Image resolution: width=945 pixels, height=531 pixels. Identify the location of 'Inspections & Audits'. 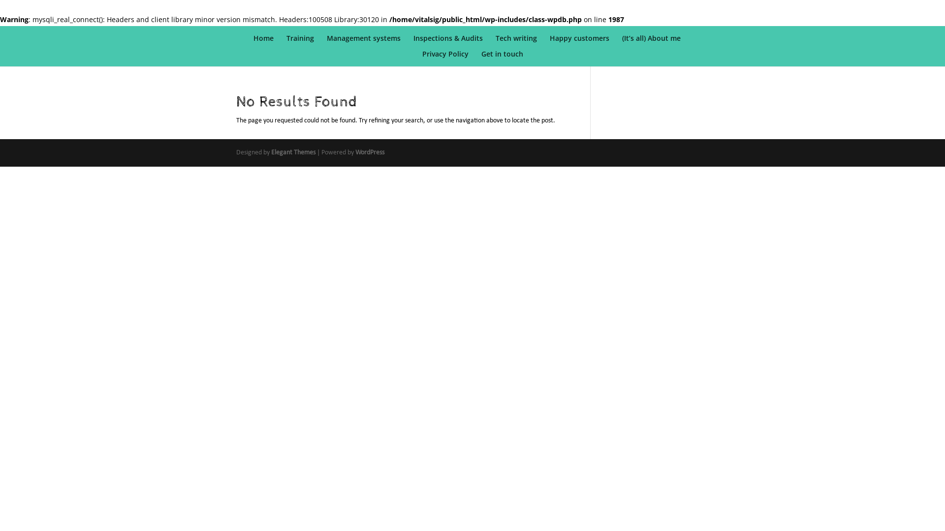
(447, 42).